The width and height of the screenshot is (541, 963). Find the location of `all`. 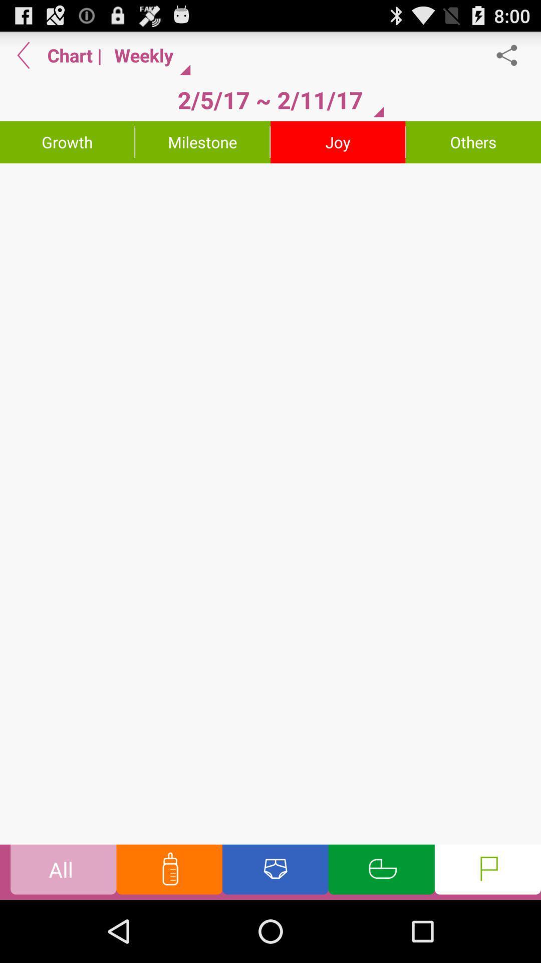

all is located at coordinates (63, 871).